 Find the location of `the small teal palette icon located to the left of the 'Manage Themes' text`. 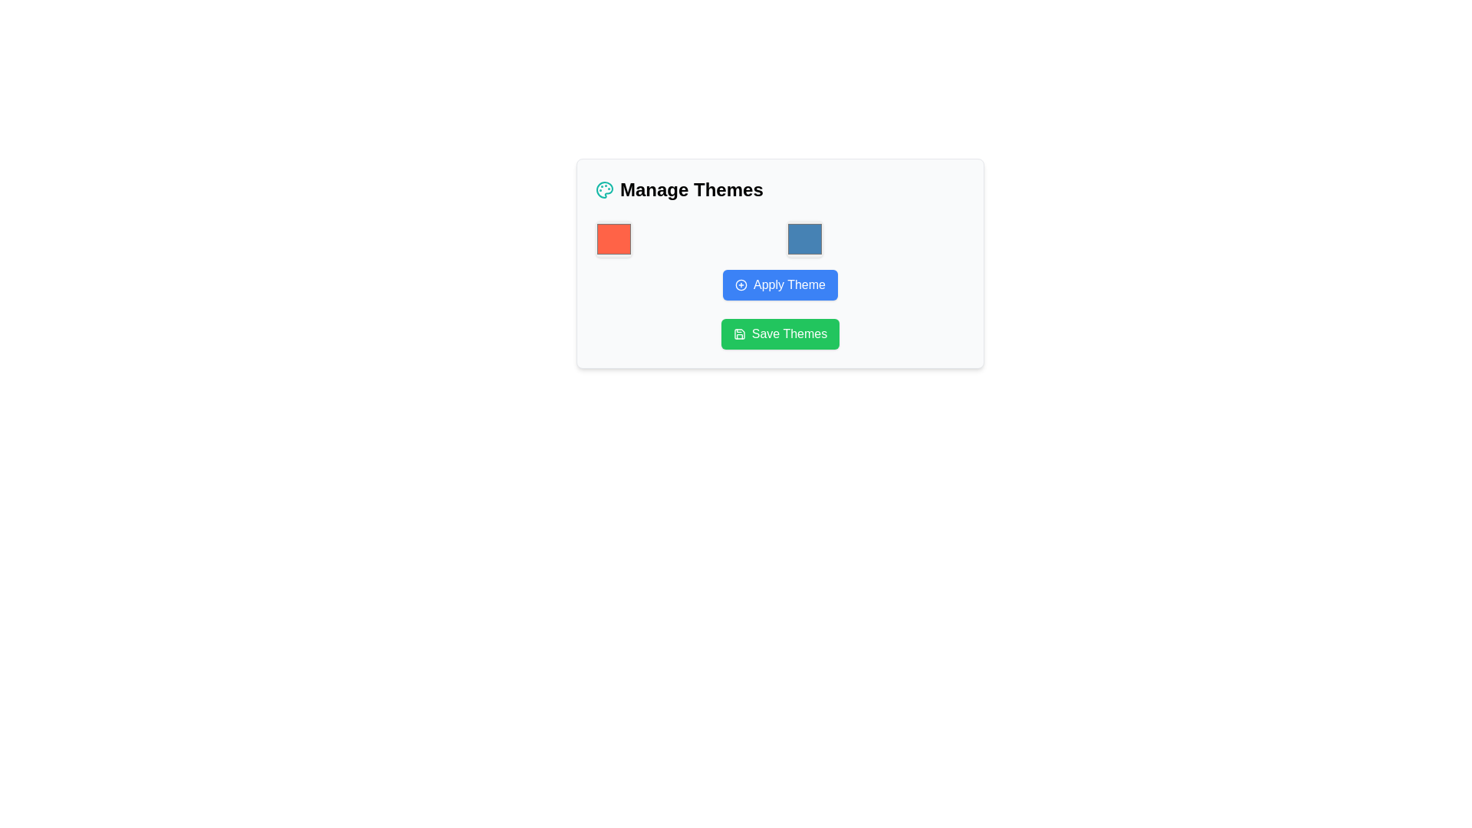

the small teal palette icon located to the left of the 'Manage Themes' text is located at coordinates (603, 189).